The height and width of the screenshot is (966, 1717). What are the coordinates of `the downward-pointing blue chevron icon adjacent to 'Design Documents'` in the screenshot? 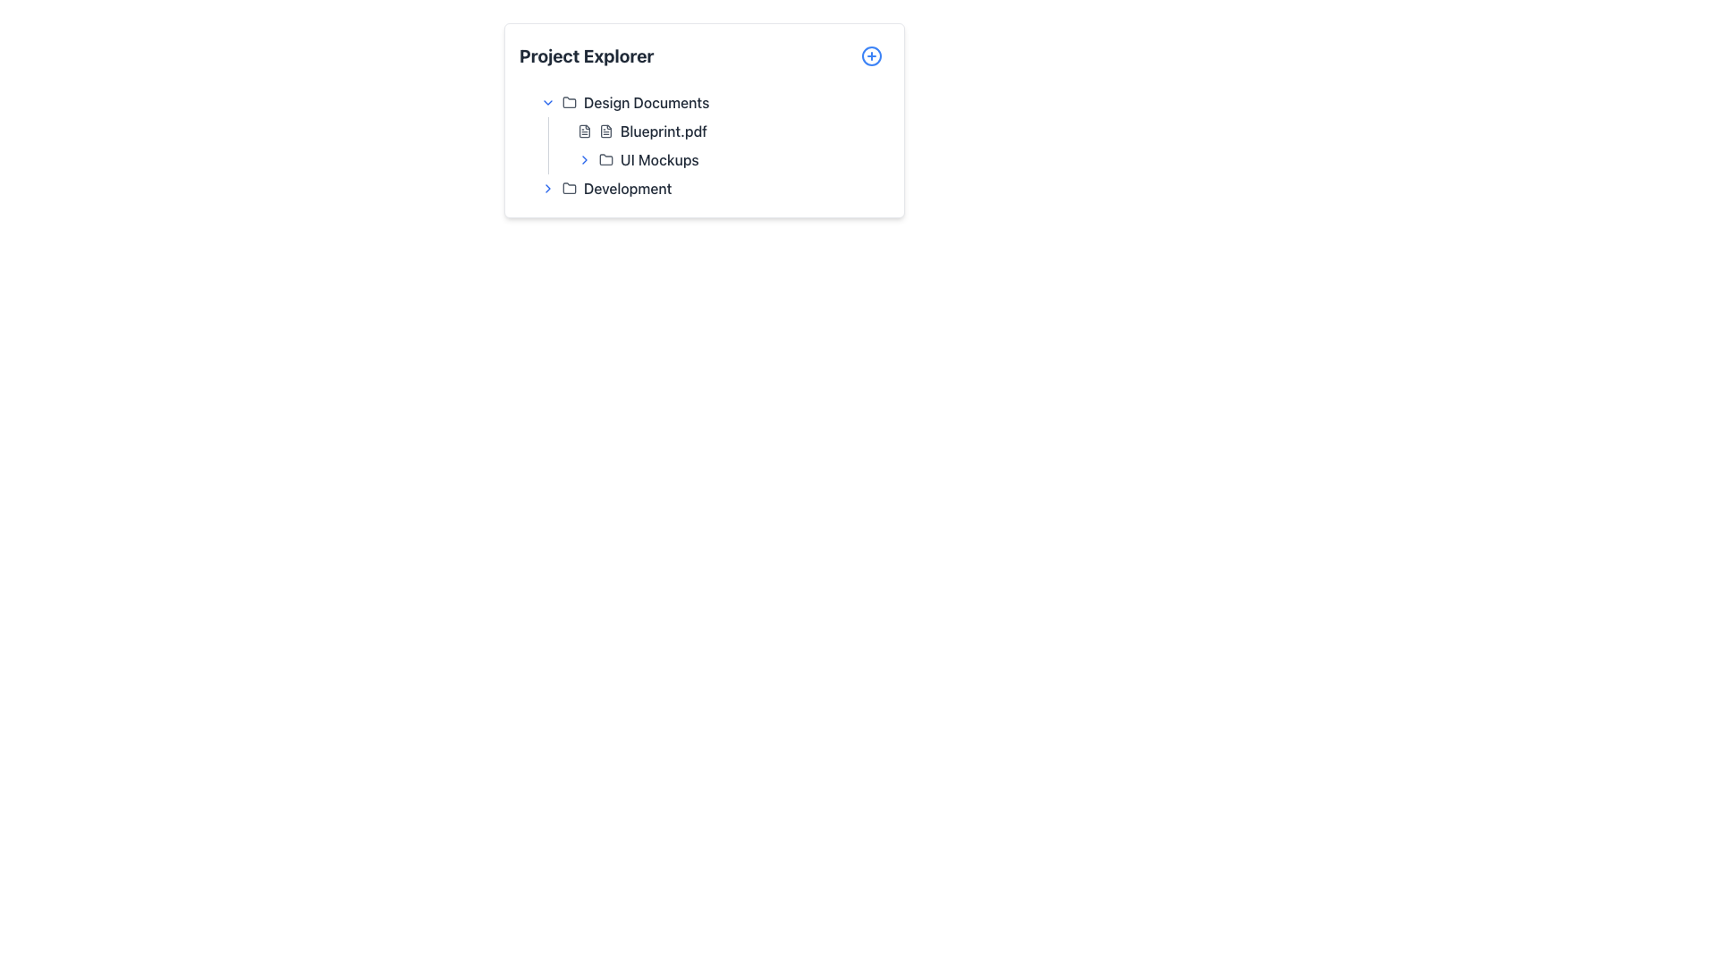 It's located at (547, 103).